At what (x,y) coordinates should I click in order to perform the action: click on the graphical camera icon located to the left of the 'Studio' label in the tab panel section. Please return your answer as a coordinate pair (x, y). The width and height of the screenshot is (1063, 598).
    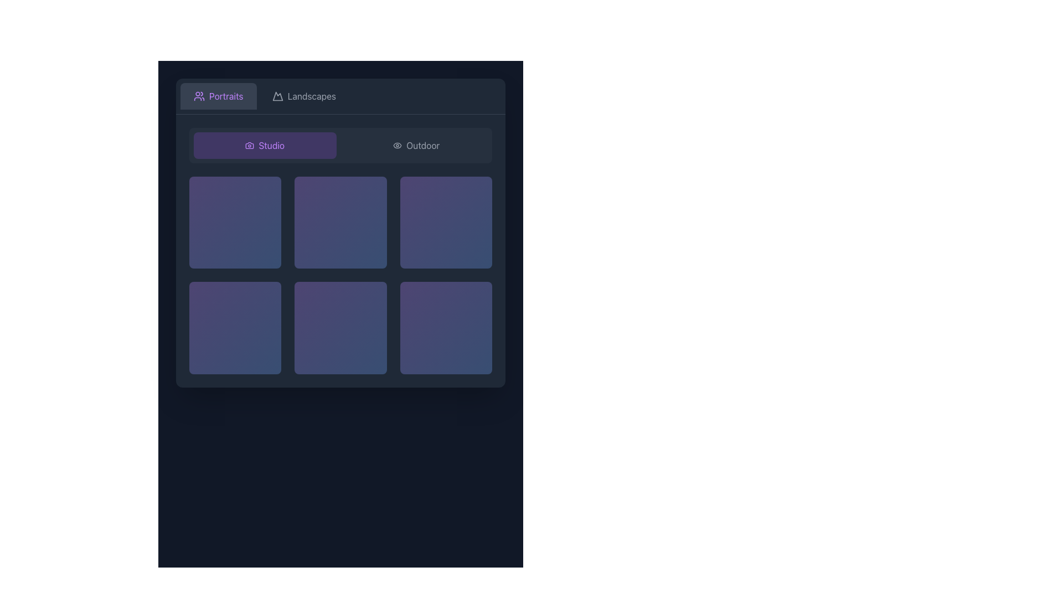
    Looking at the image, I should click on (249, 145).